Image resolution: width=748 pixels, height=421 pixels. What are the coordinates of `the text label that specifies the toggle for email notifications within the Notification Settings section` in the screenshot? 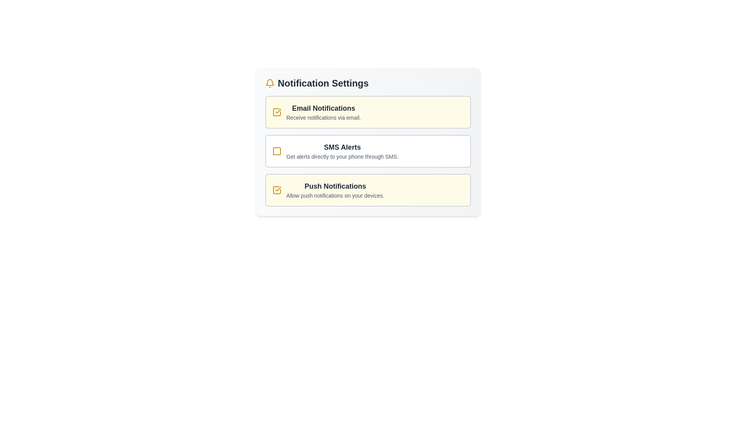 It's located at (323, 112).